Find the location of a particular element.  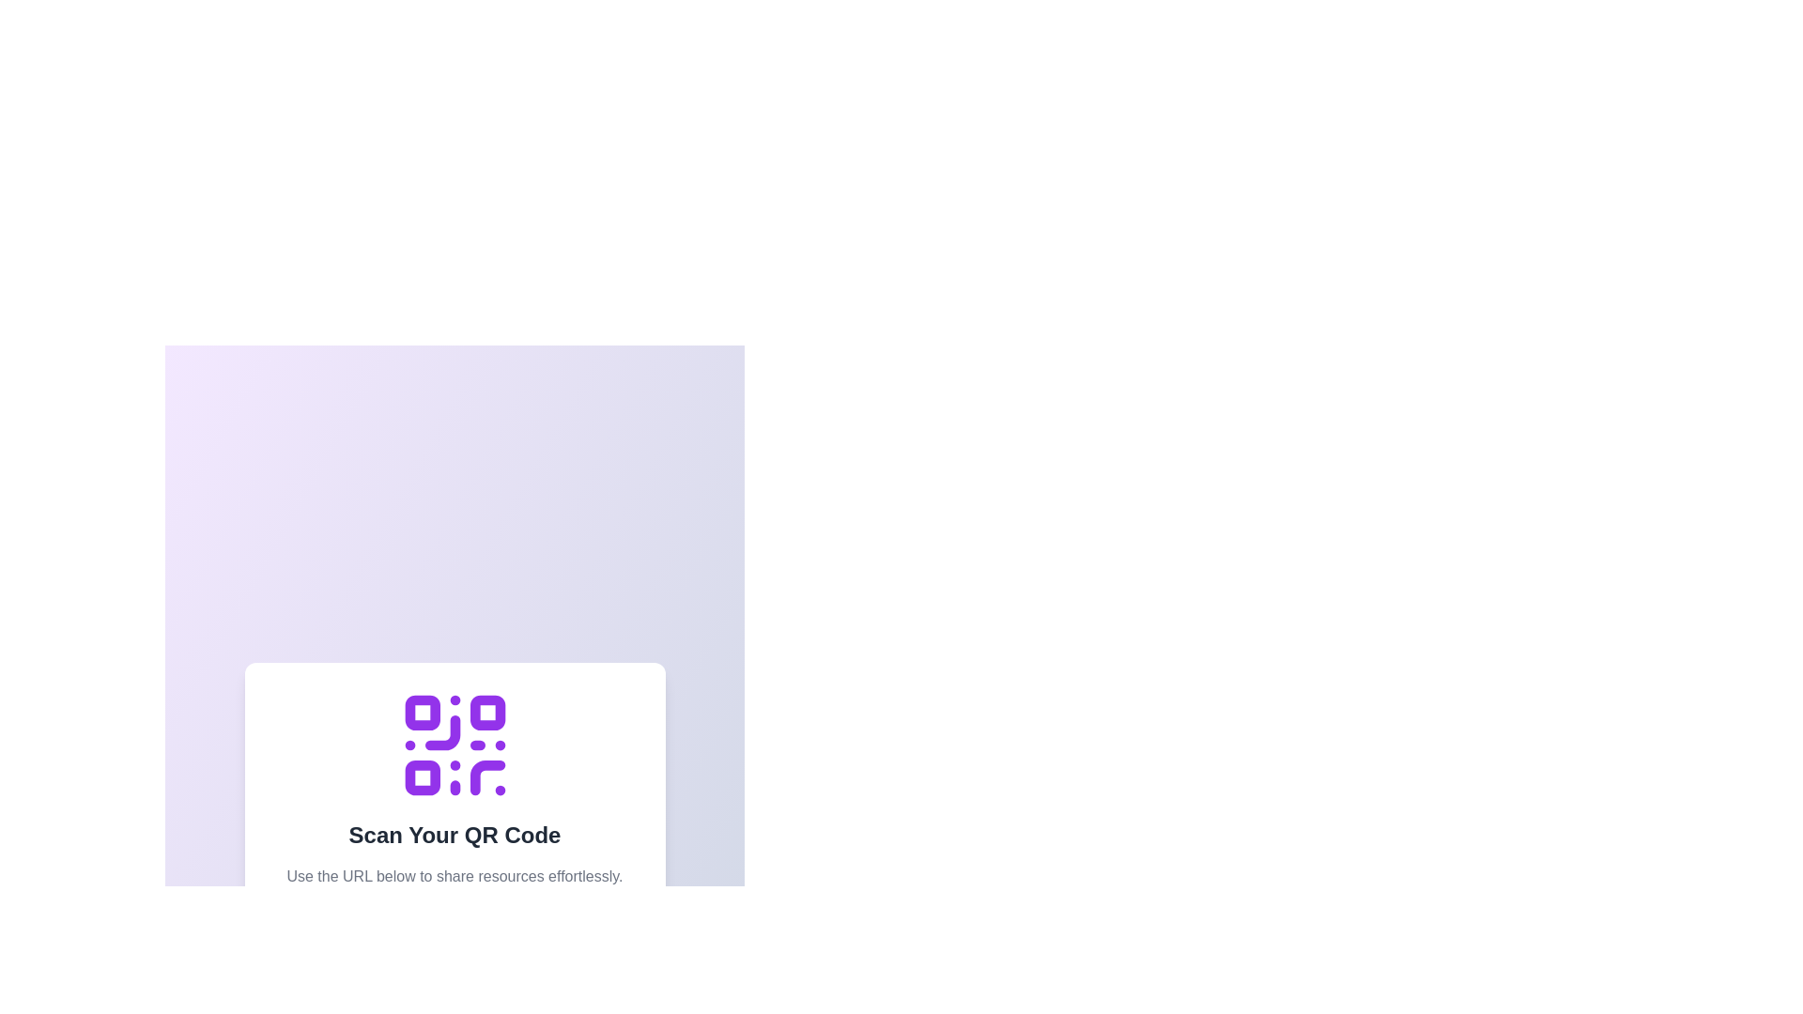

QR code displayed in the Informative Section, which is located below the top section of the card-like panel is located at coordinates (455, 786).